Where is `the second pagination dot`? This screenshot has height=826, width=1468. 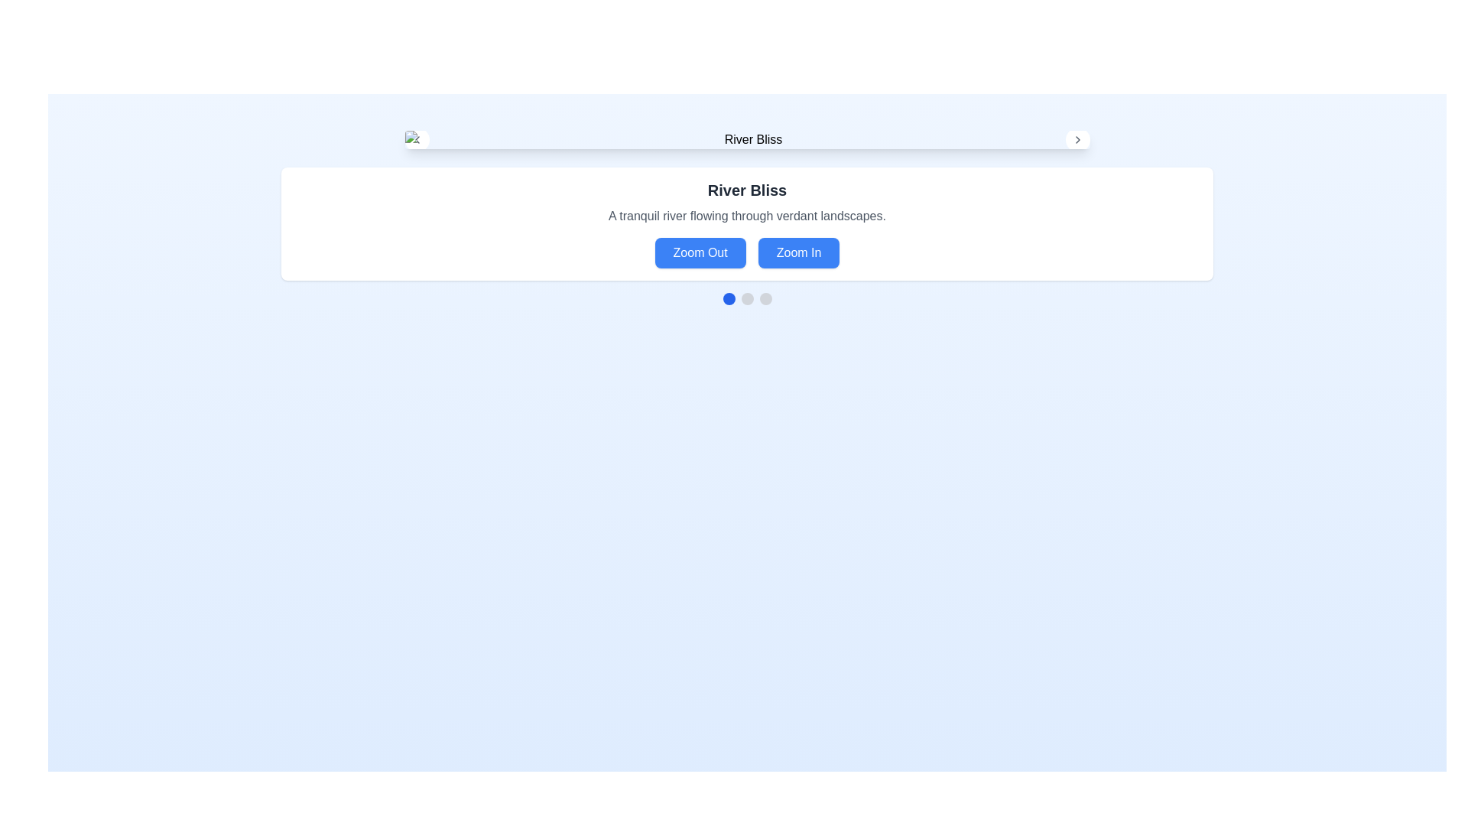
the second pagination dot is located at coordinates (747, 298).